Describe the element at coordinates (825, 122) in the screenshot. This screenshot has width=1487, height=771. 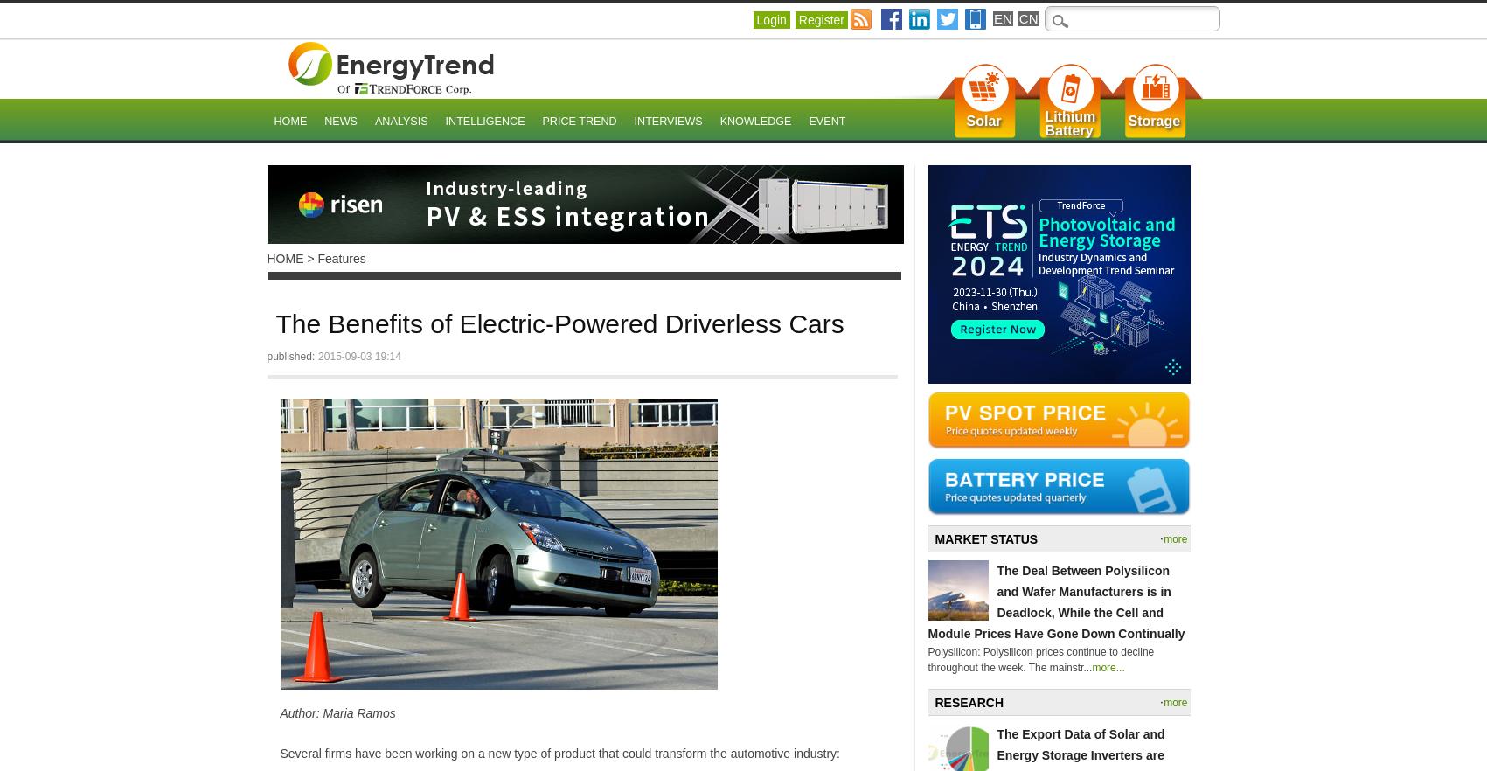
I see `'Event'` at that location.